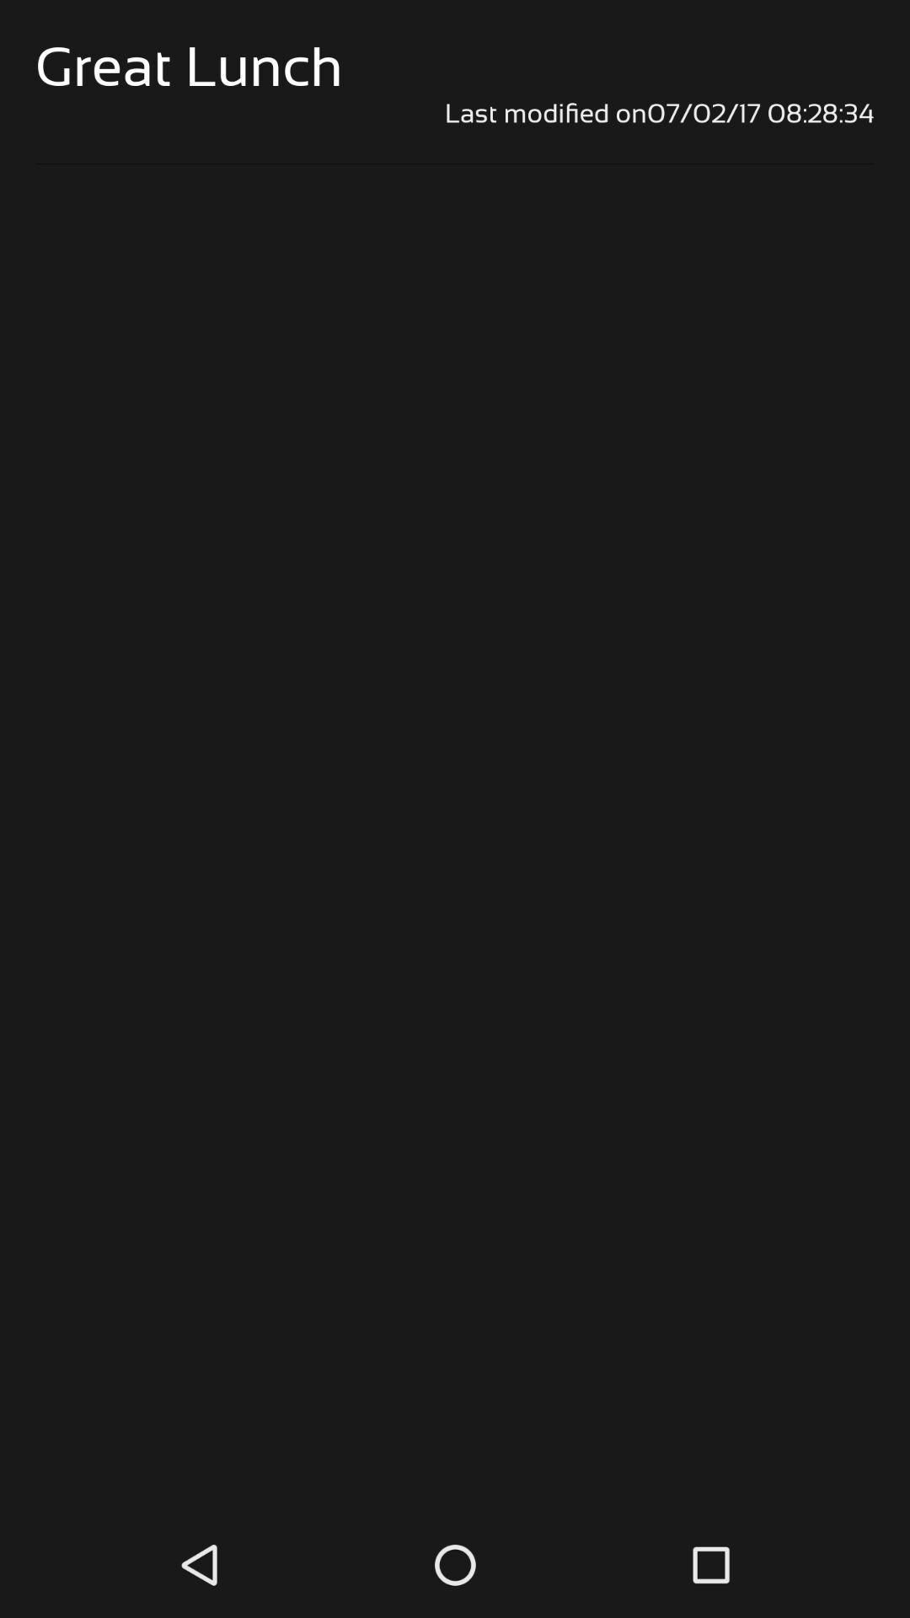 The width and height of the screenshot is (910, 1618). Describe the element at coordinates (189, 67) in the screenshot. I see `the great lunch` at that location.